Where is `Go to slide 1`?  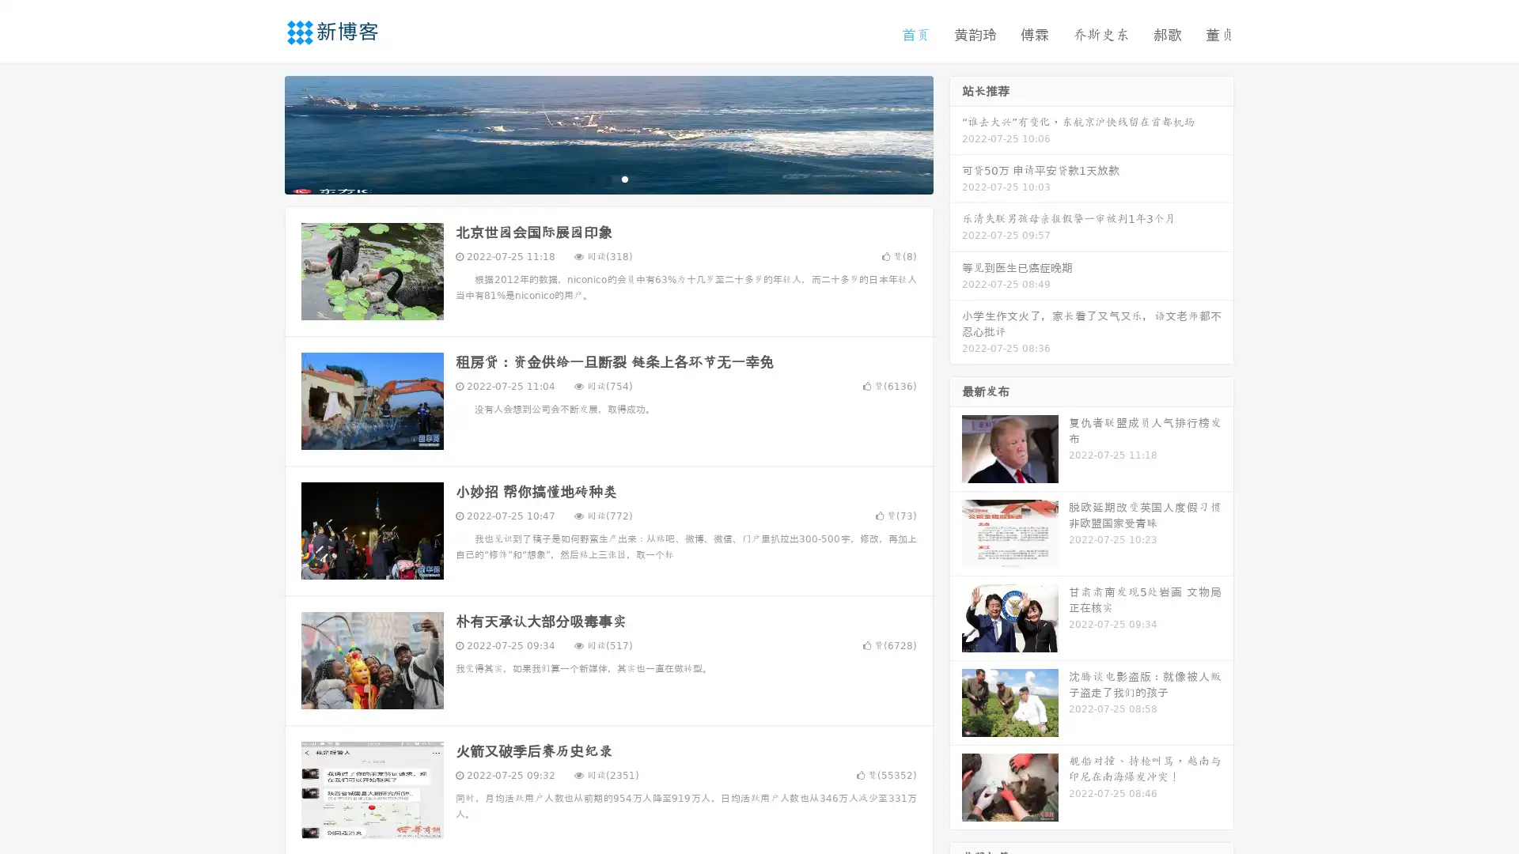 Go to slide 1 is located at coordinates (592, 178).